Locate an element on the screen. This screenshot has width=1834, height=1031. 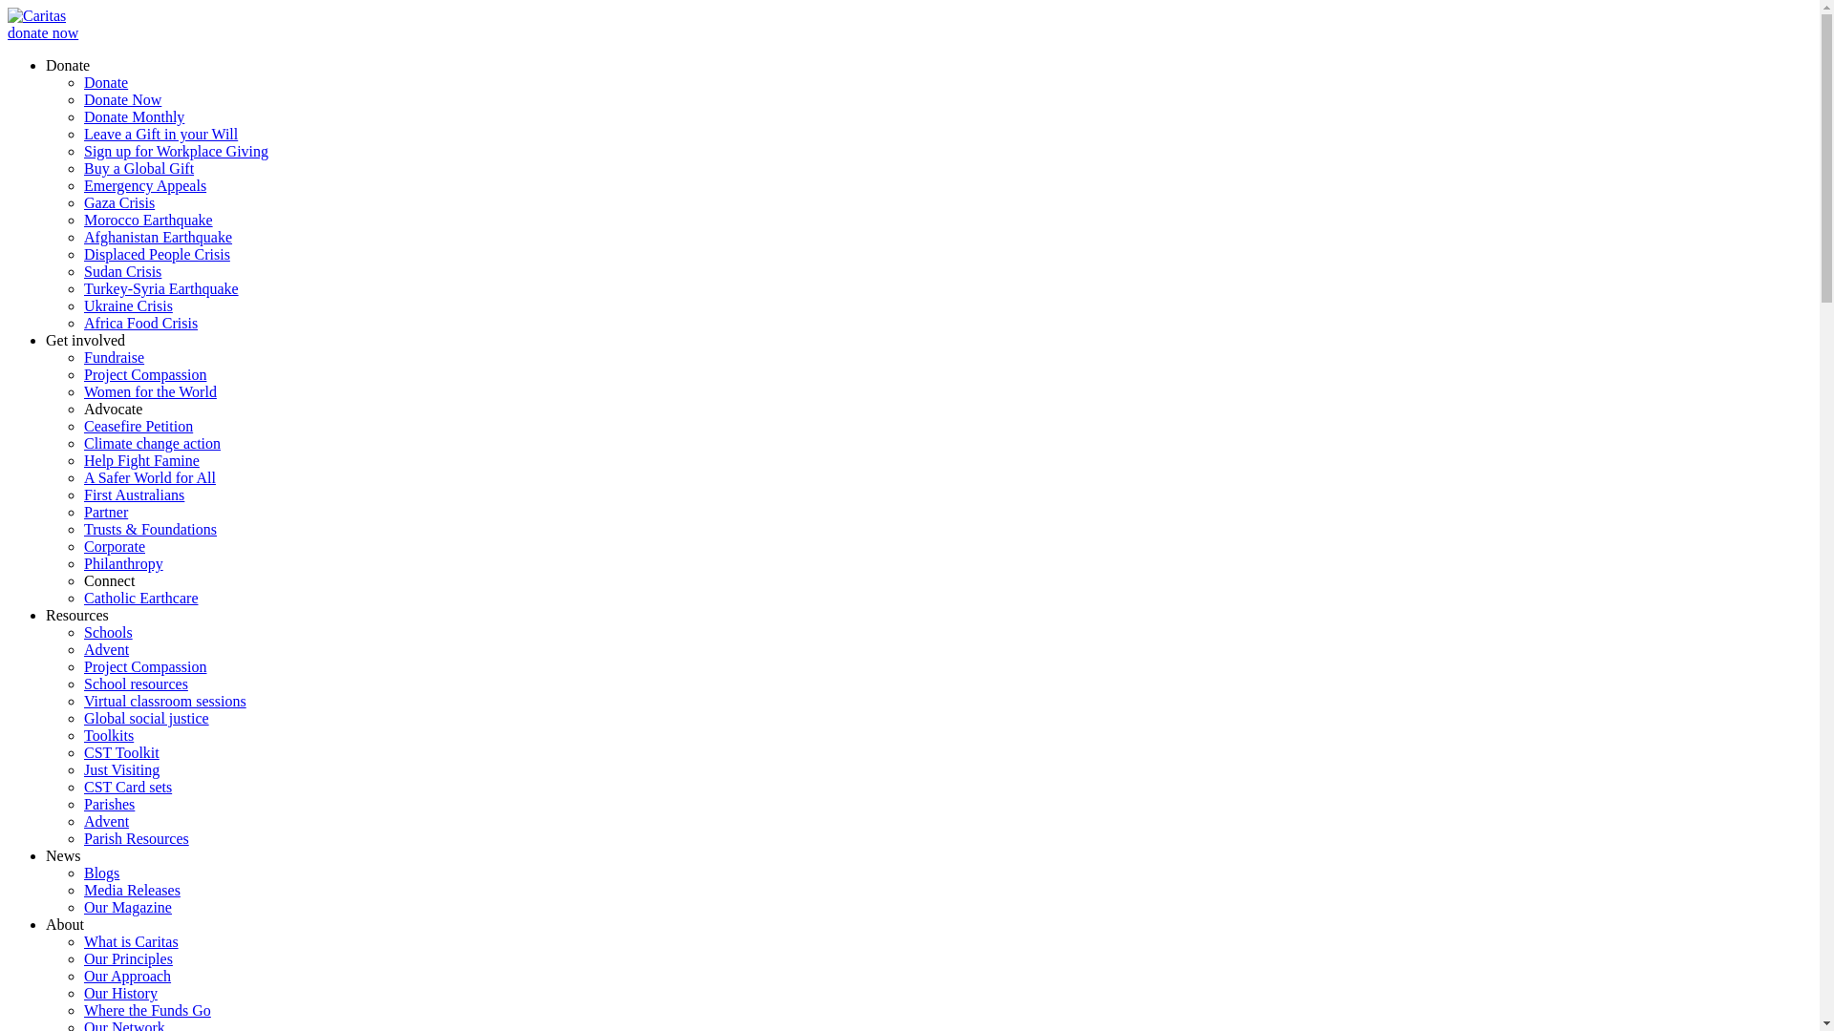
'Morocco Earthquake' is located at coordinates (147, 219).